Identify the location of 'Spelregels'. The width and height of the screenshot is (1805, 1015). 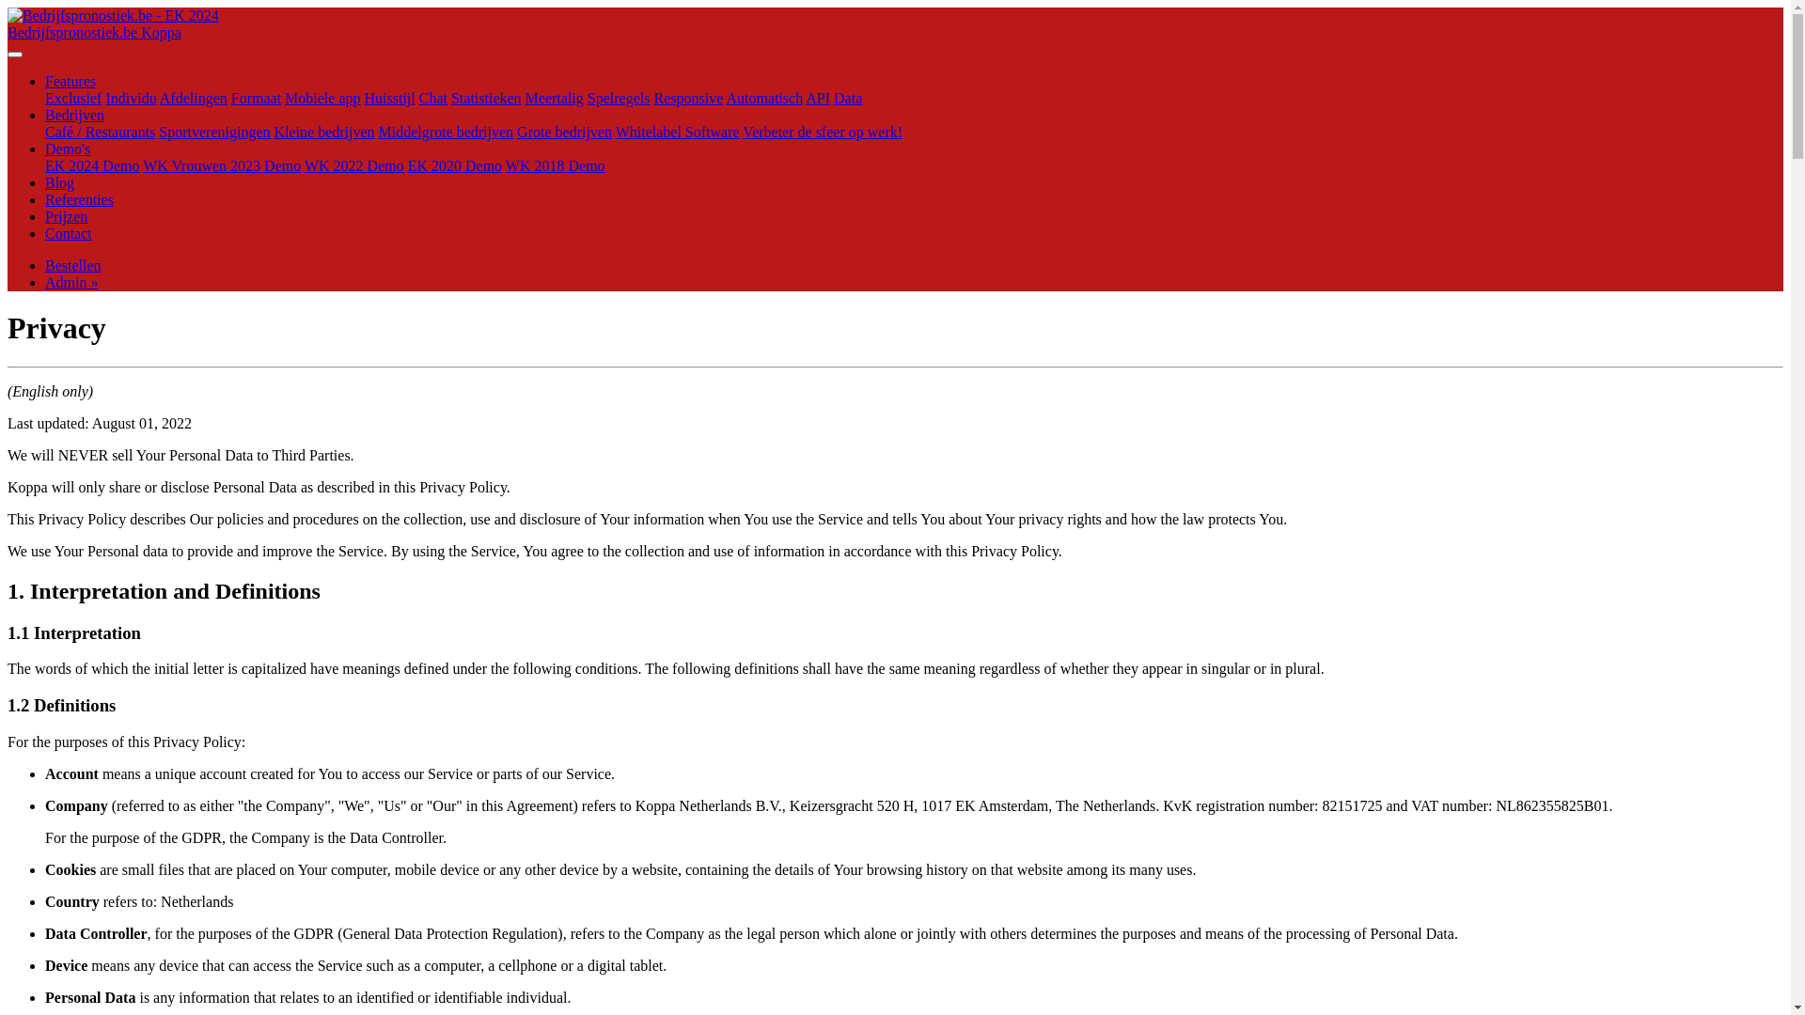
(619, 98).